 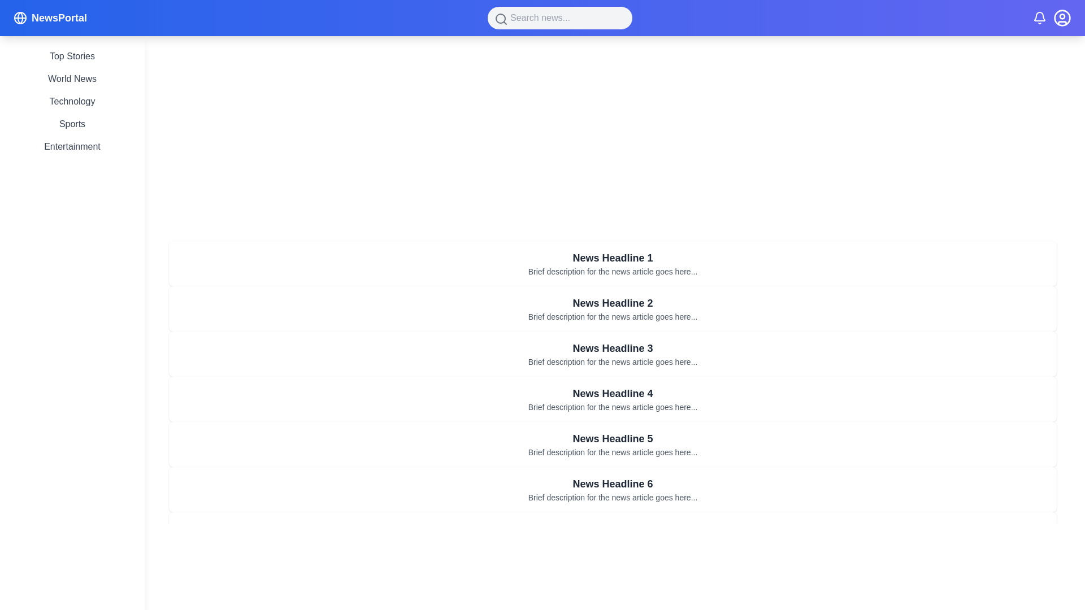 I want to click on the Text Display that provides a summary or teaser for the news article, located beneath 'News Headline 2', so click(x=612, y=316).